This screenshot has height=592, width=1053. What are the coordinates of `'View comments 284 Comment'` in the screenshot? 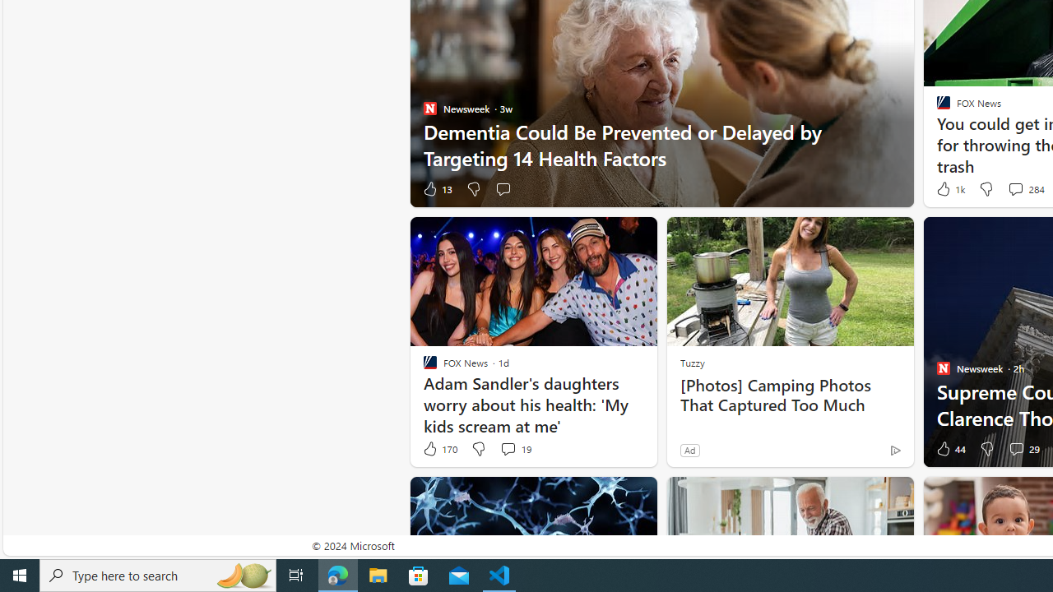 It's located at (1014, 188).